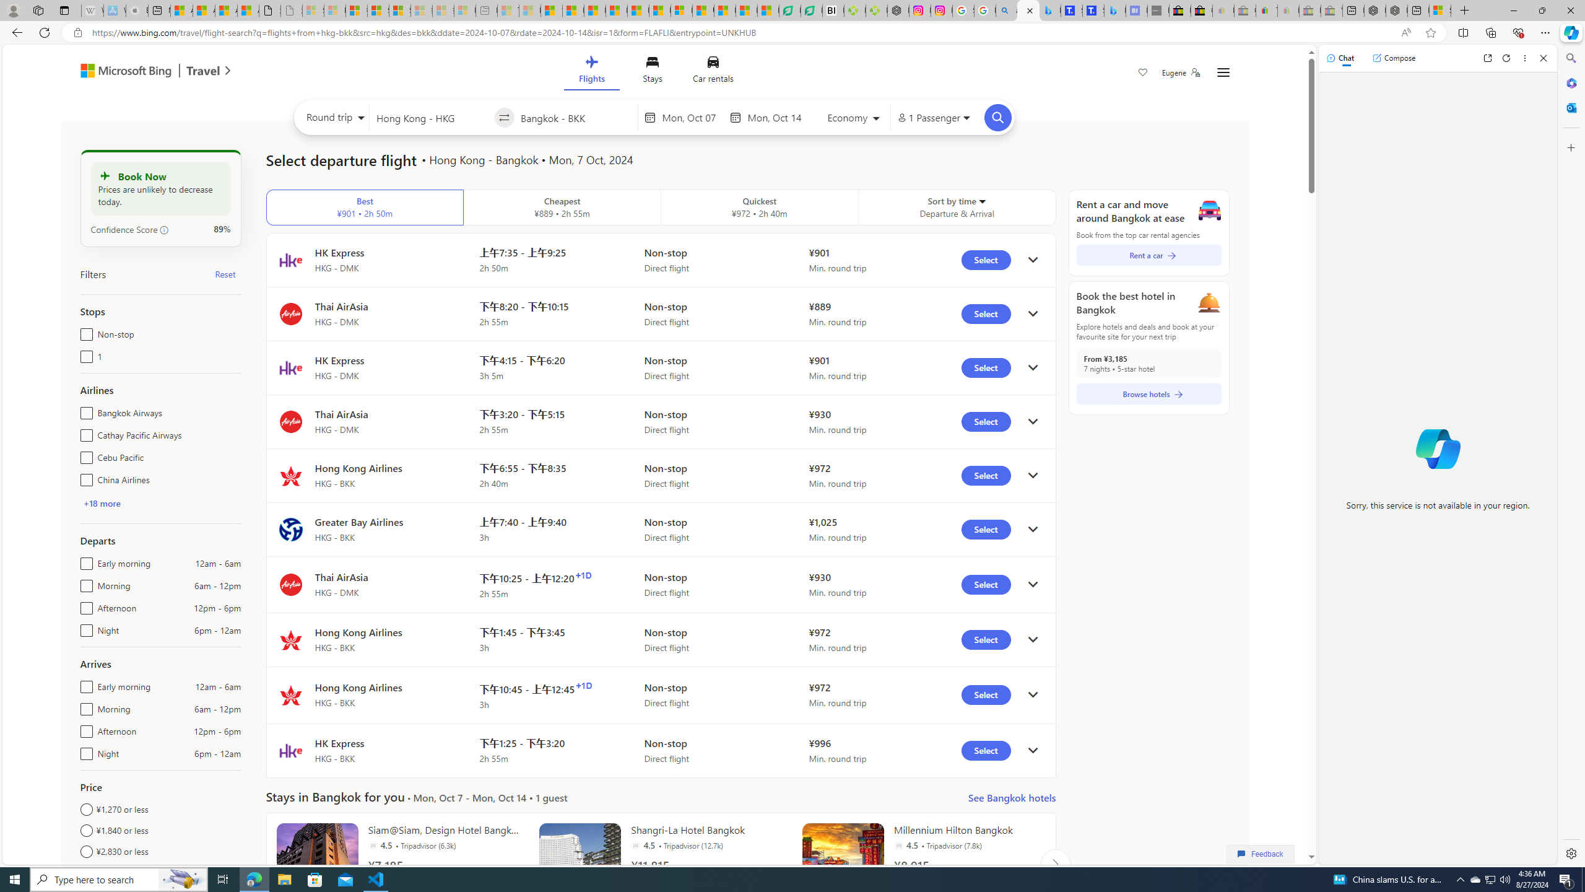 This screenshot has height=892, width=1585. What do you see at coordinates (83, 455) in the screenshot?
I see `'Cebu Pacific'` at bounding box center [83, 455].